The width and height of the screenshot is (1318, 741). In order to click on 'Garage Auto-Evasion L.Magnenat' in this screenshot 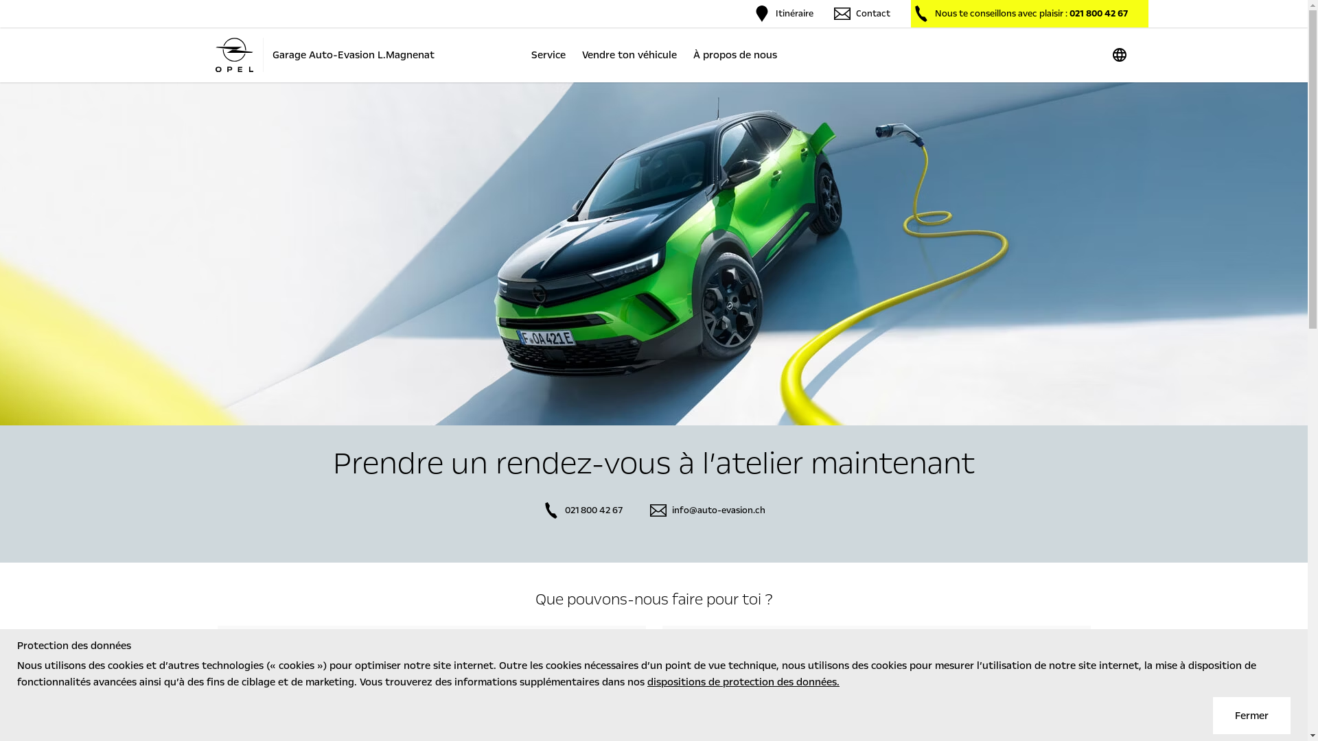, I will do `click(323, 54)`.